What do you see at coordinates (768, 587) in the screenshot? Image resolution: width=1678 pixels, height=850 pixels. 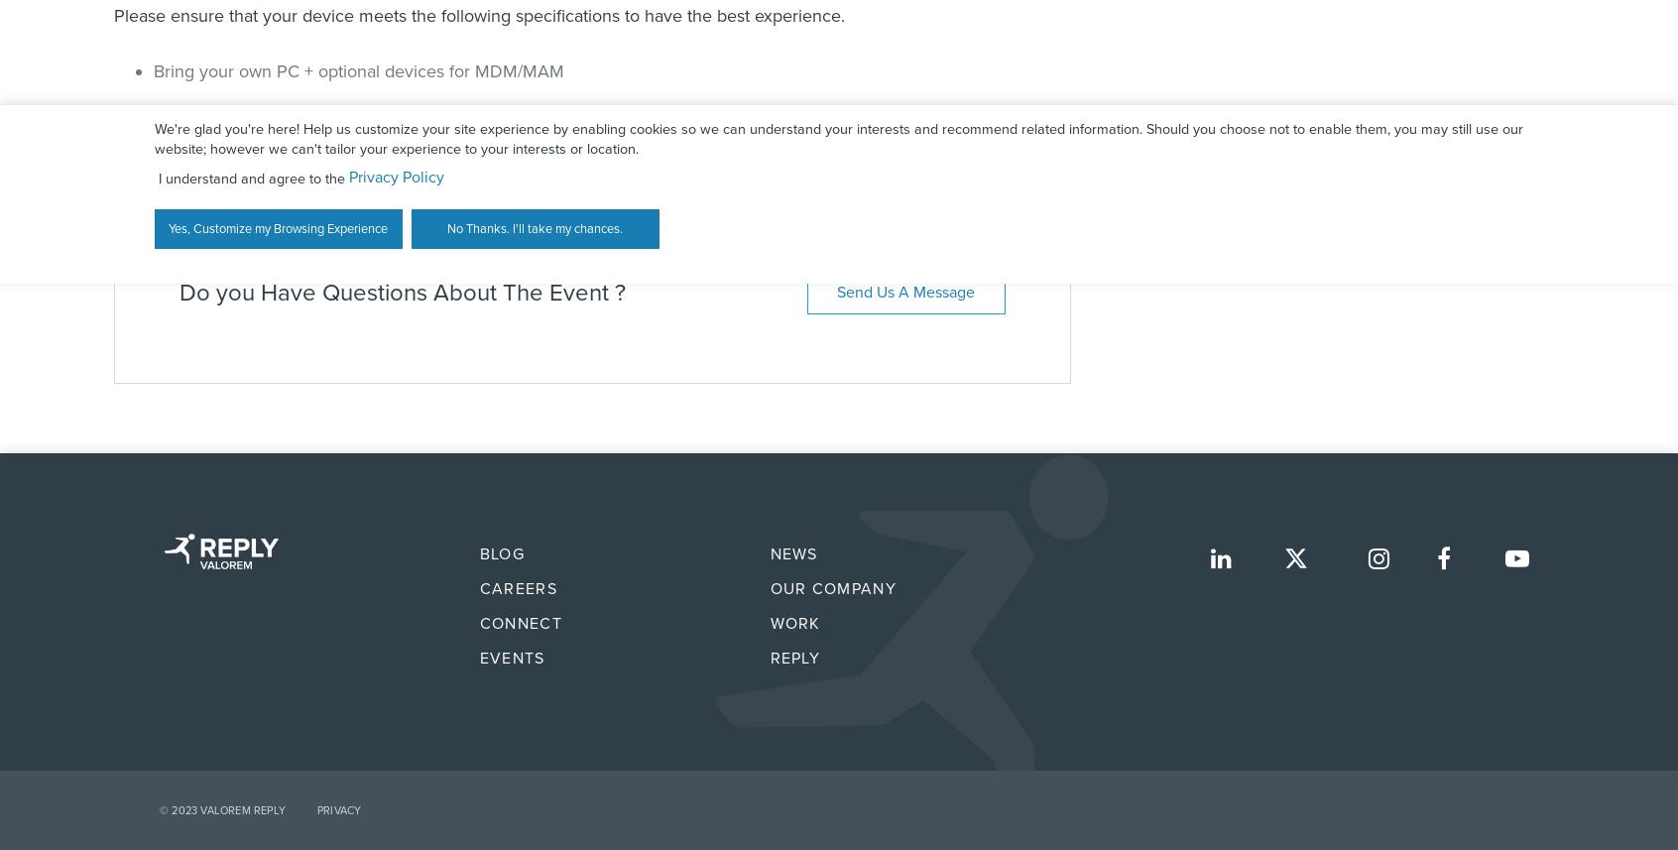 I see `'Our Company'` at bounding box center [768, 587].